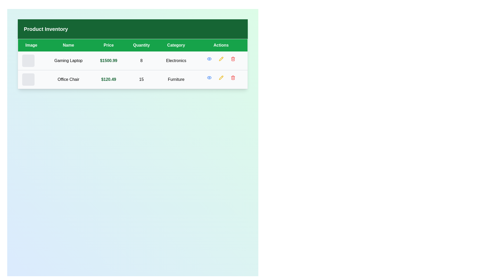  Describe the element at coordinates (221, 45) in the screenshot. I see `the sixth column header in the table that indicates the purpose of the last column containing action buttons` at that location.